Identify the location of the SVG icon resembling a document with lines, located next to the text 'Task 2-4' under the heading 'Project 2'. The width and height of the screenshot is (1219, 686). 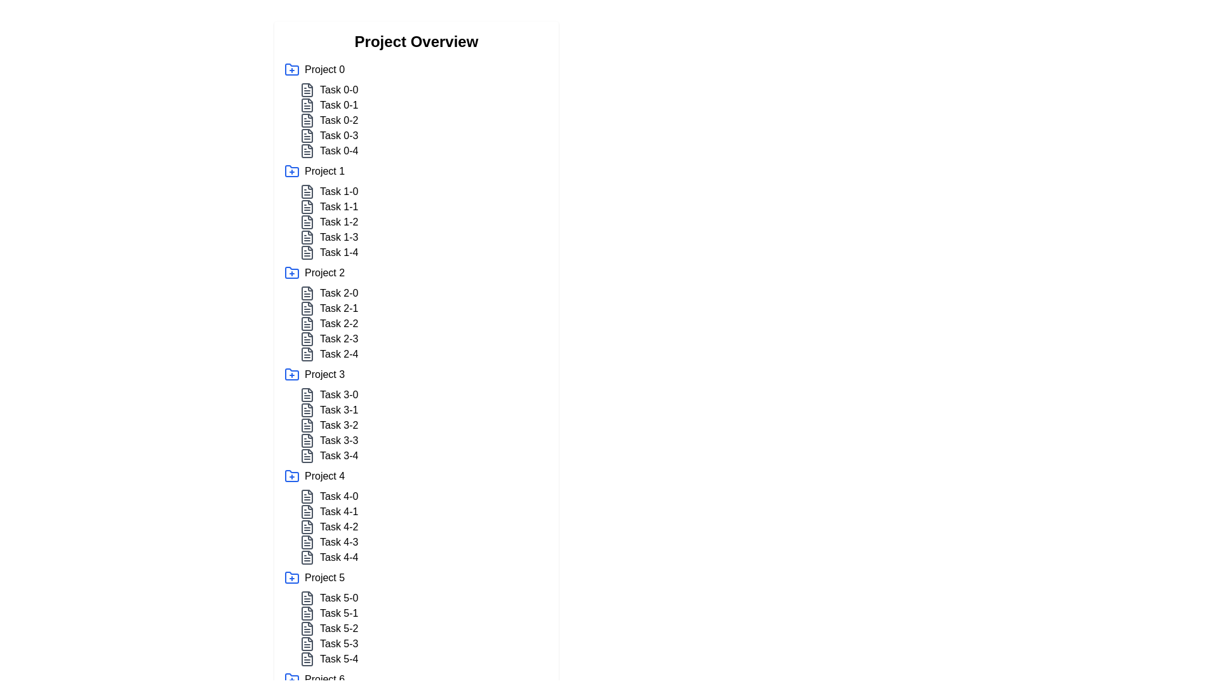
(307, 354).